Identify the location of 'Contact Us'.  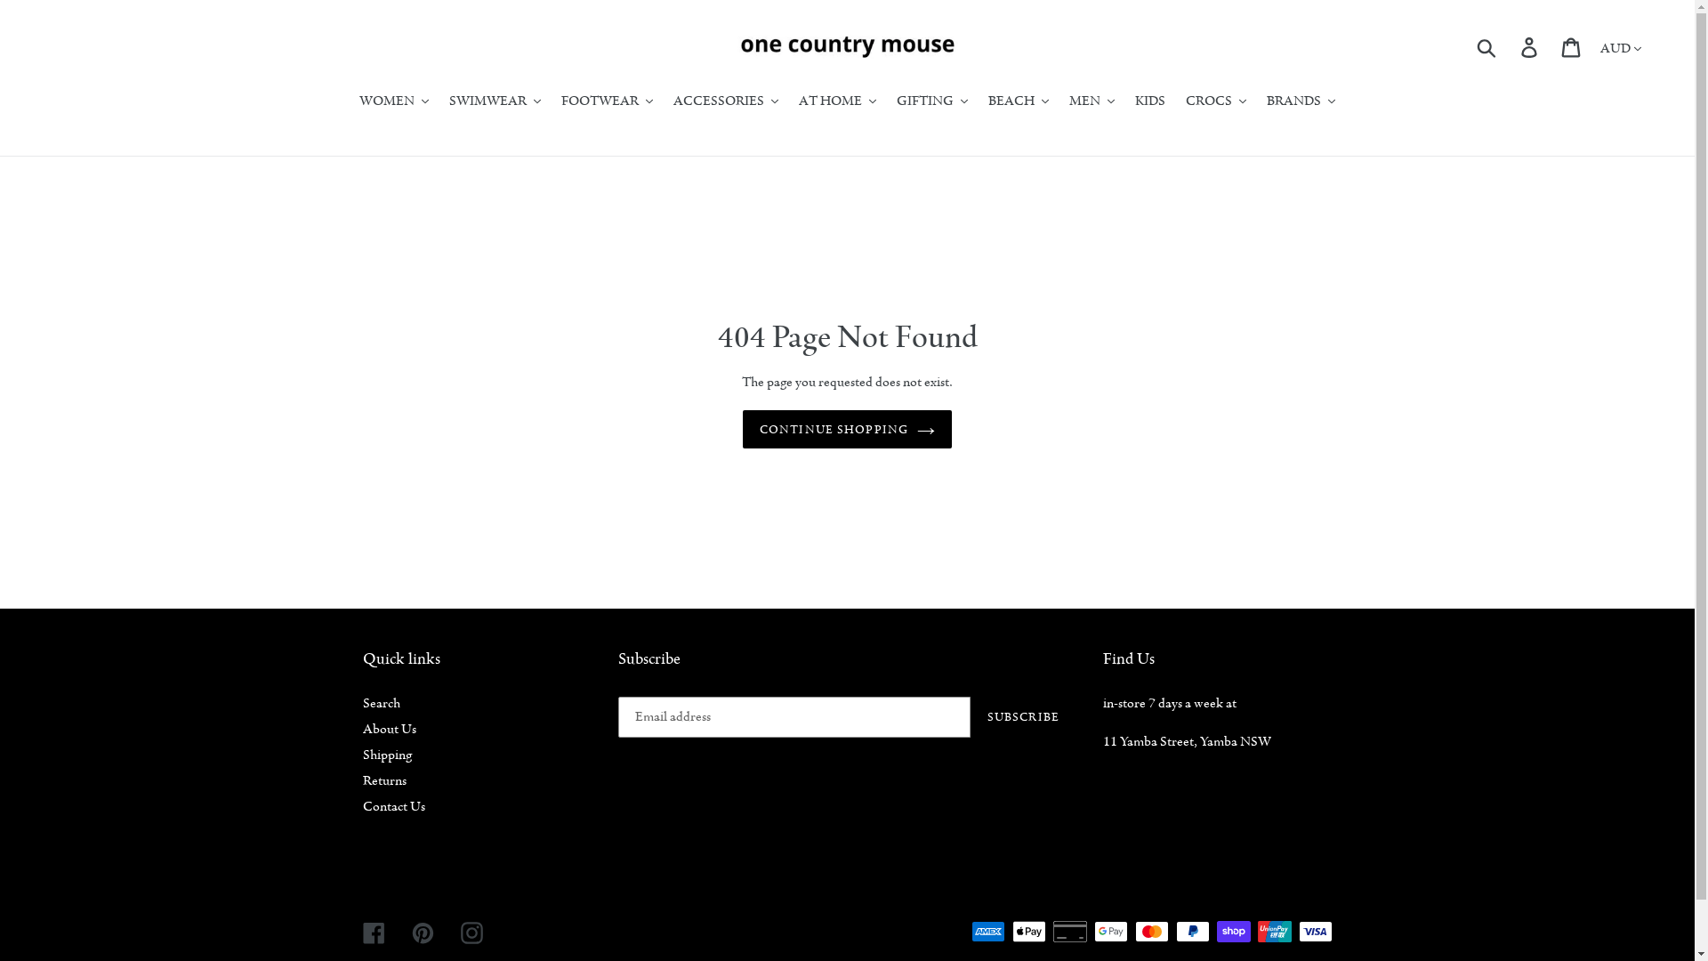
(362, 806).